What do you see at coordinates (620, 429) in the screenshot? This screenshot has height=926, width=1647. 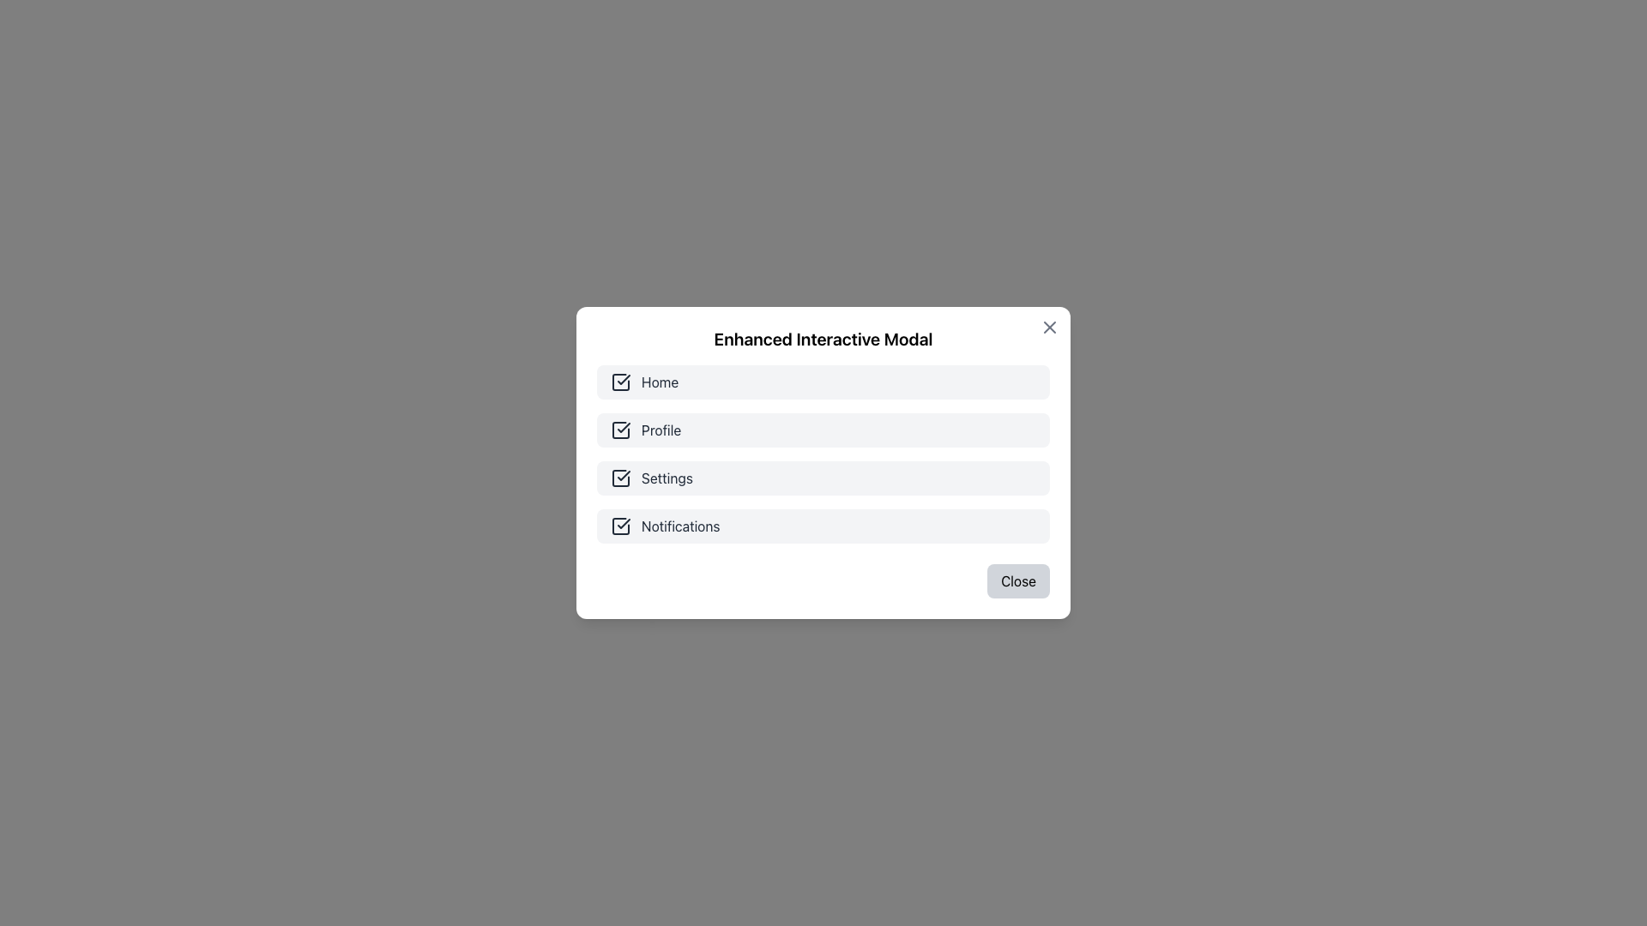 I see `the checkbox icon located to the left of the 'Profile' button` at bounding box center [620, 429].